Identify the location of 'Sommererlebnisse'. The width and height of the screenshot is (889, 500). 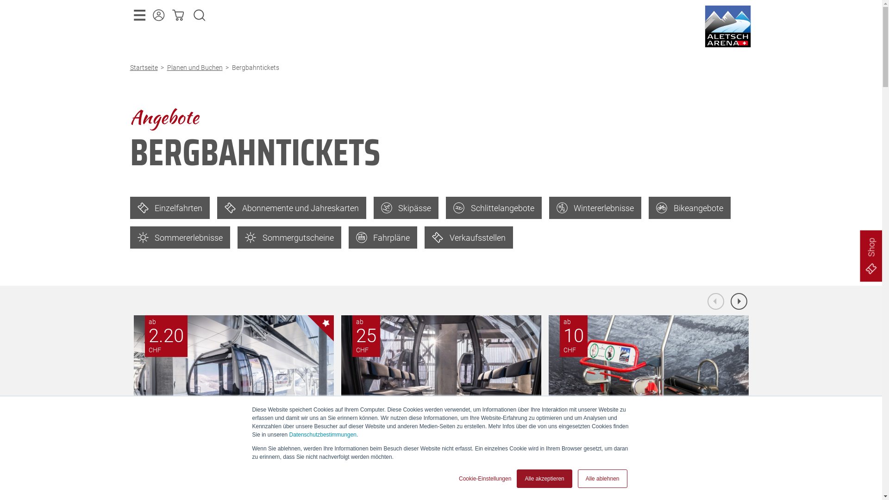
(180, 237).